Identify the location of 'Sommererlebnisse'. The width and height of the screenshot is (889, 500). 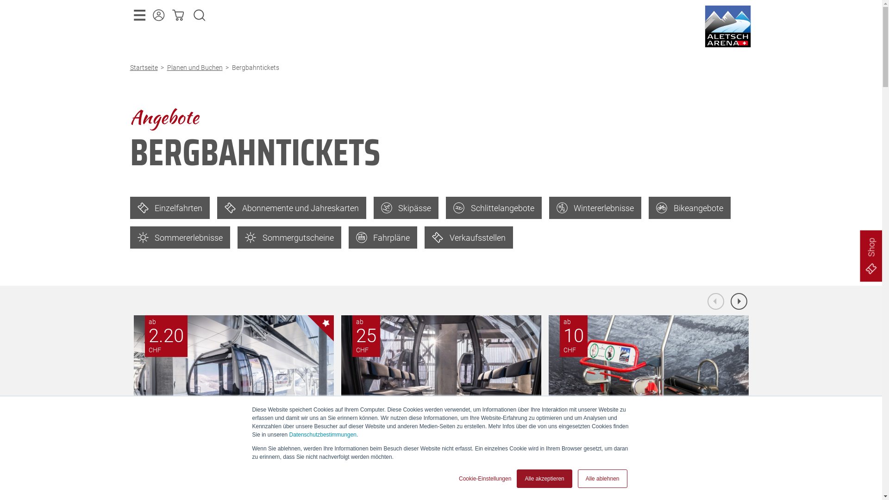
(180, 237).